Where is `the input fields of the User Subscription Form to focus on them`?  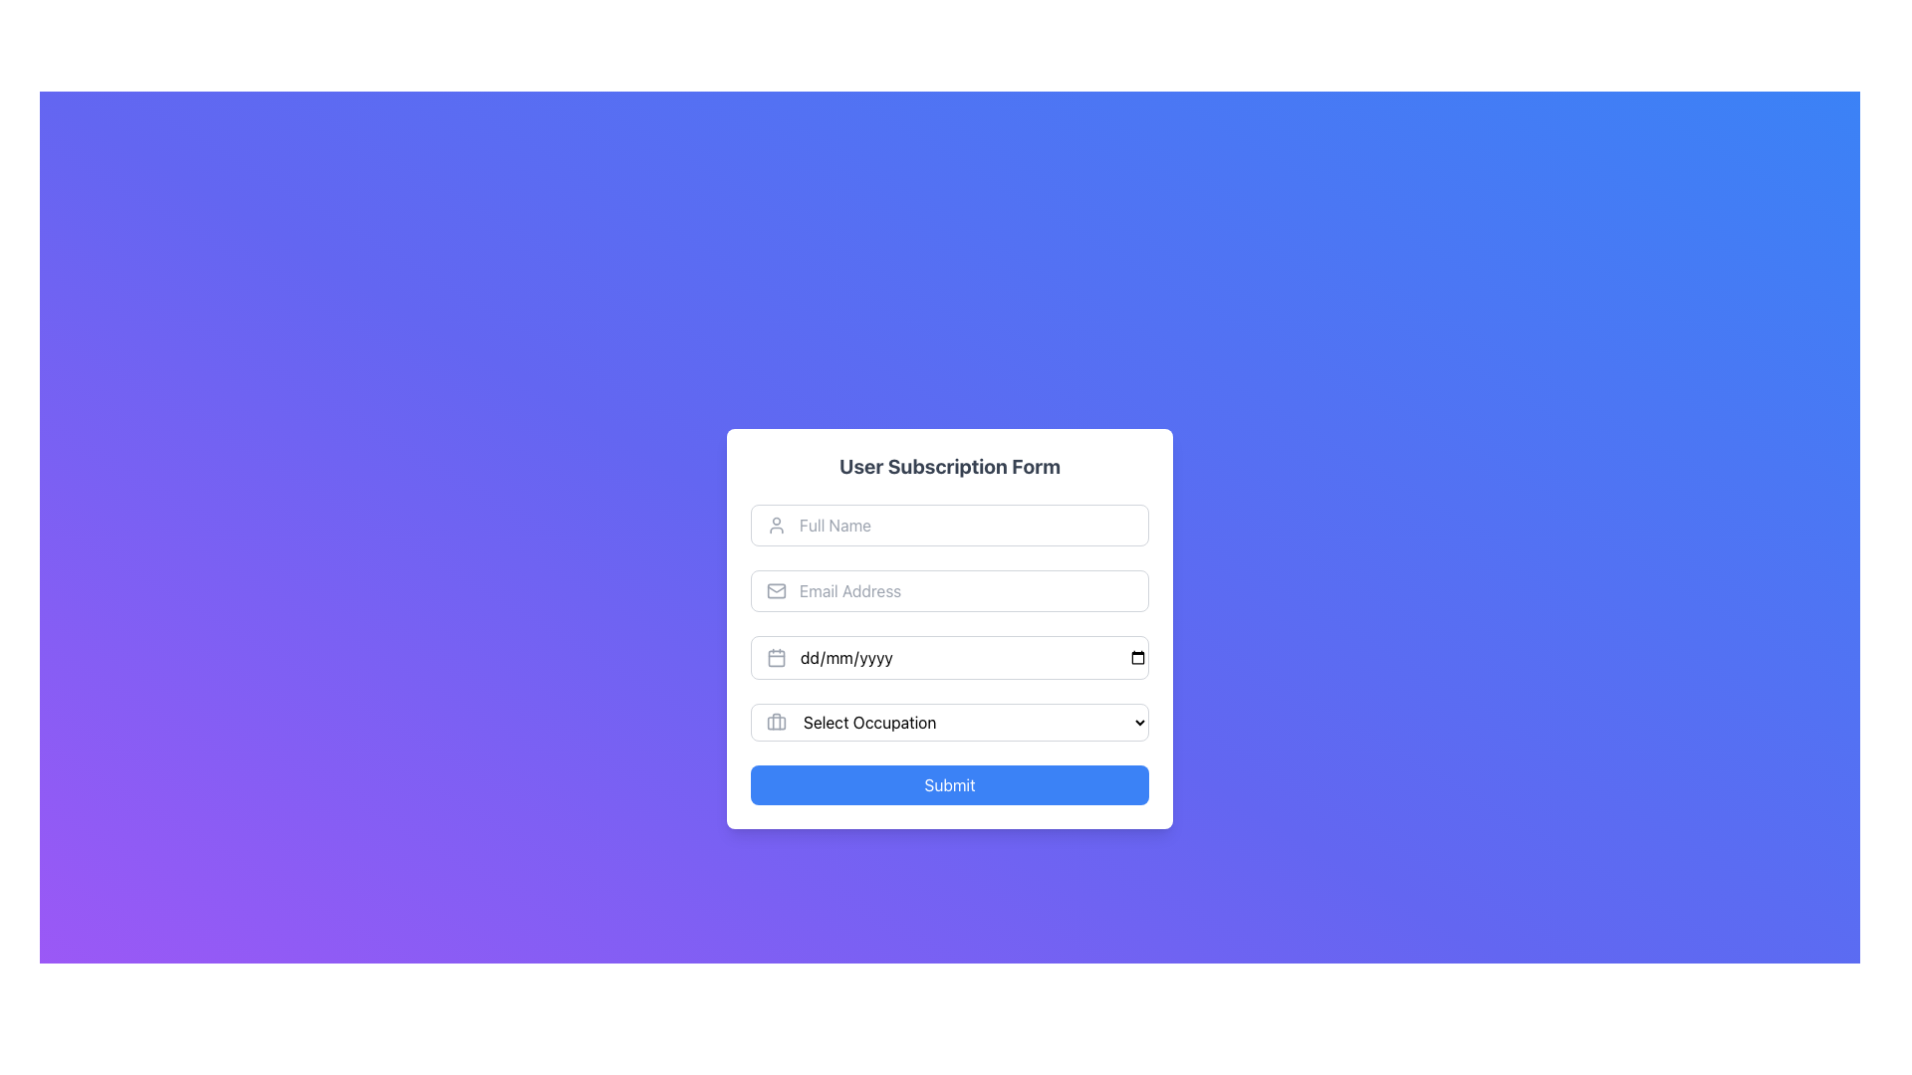 the input fields of the User Subscription Form to focus on them is located at coordinates (949, 629).